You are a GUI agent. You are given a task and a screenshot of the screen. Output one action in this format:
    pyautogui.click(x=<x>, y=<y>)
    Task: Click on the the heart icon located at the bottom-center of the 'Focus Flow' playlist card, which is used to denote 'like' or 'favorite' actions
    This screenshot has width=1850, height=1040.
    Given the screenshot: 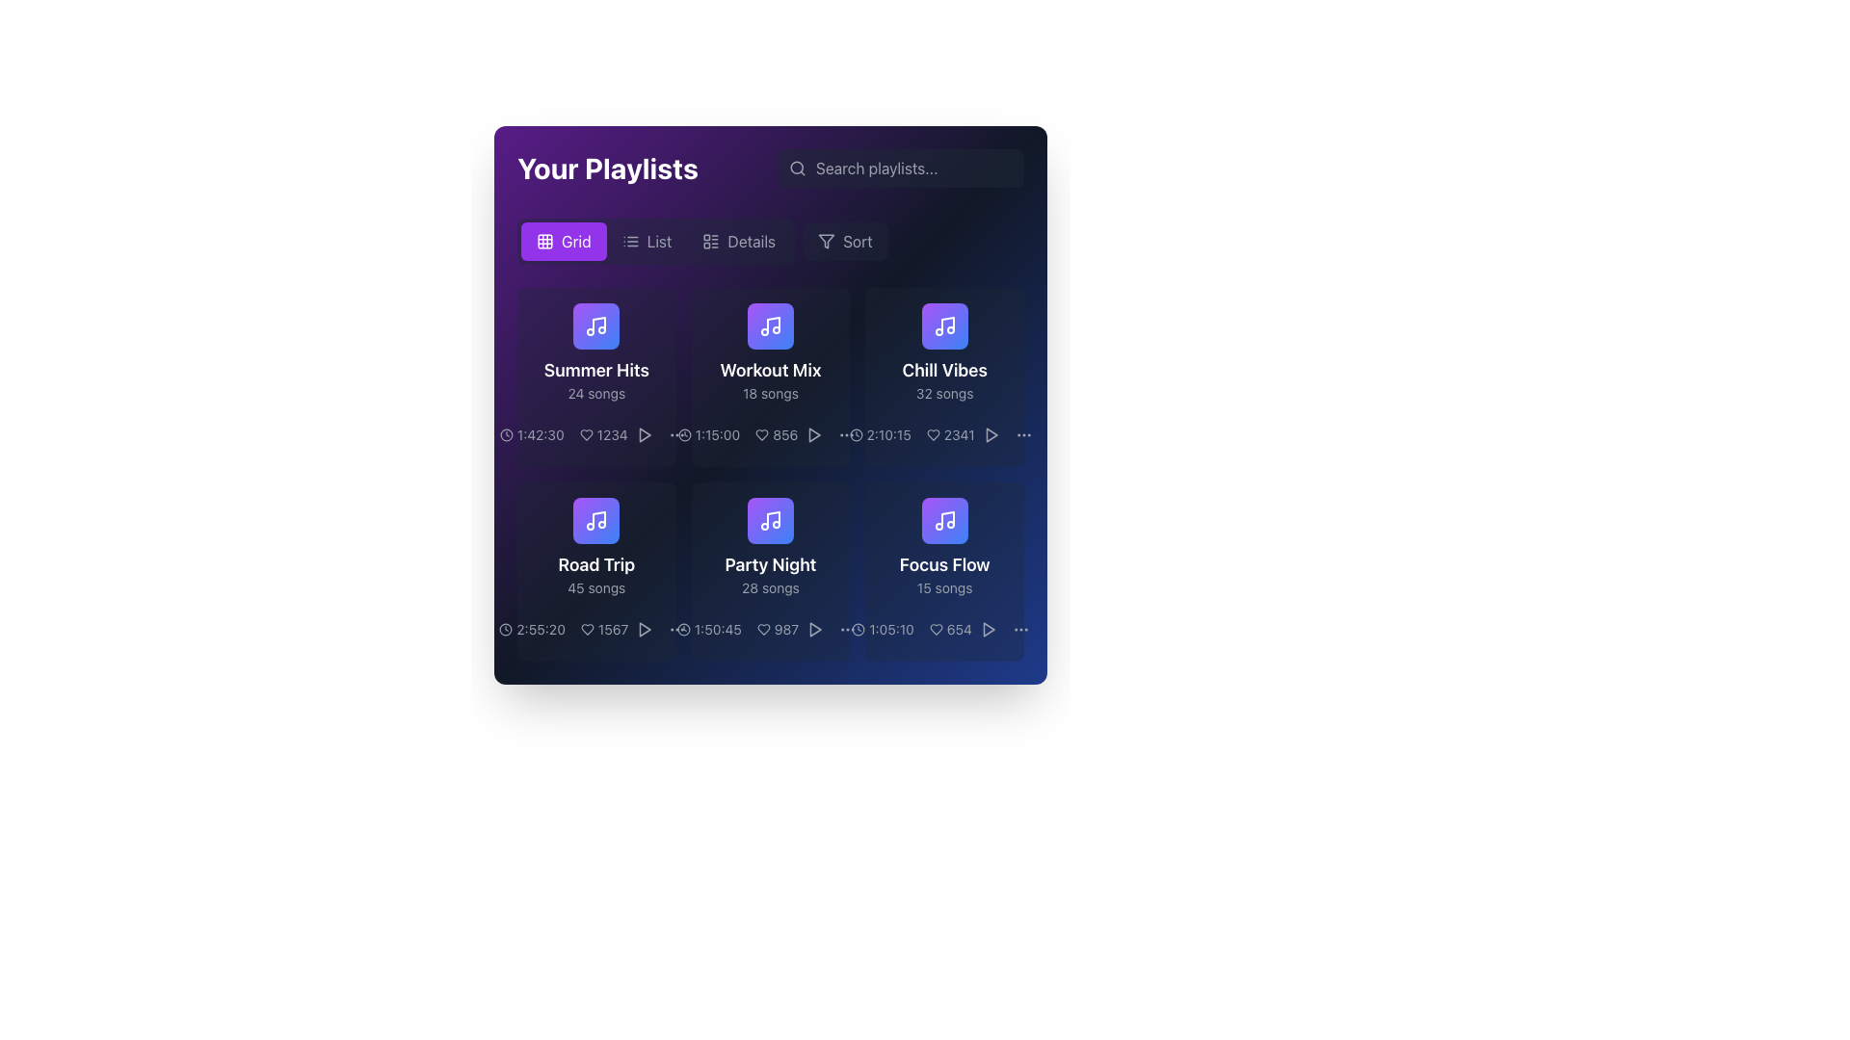 What is the action you would take?
    pyautogui.click(x=936, y=630)
    